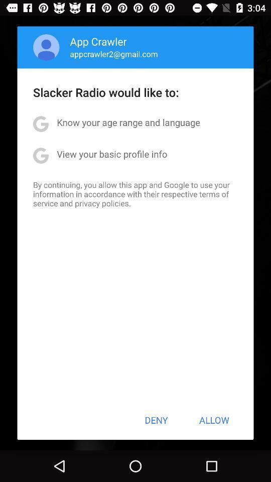 This screenshot has height=482, width=271. Describe the element at coordinates (113, 54) in the screenshot. I see `the appcrawler2@gmail.com app` at that location.